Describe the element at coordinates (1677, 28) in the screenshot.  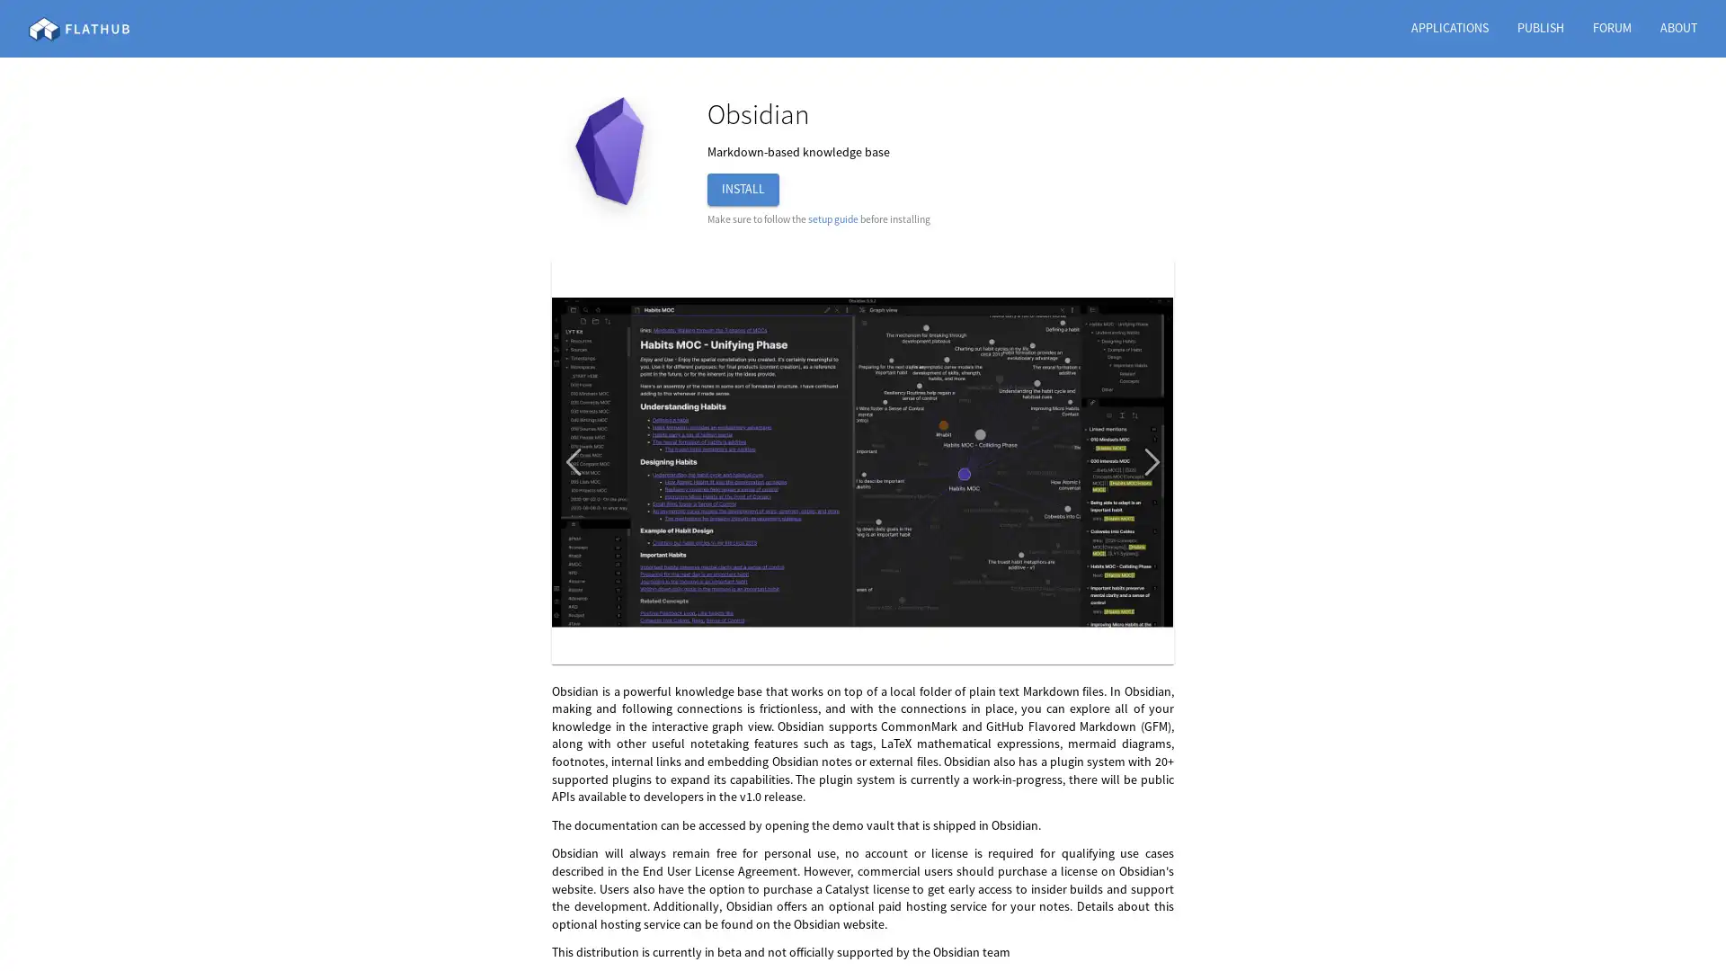
I see `ABOUT` at that location.